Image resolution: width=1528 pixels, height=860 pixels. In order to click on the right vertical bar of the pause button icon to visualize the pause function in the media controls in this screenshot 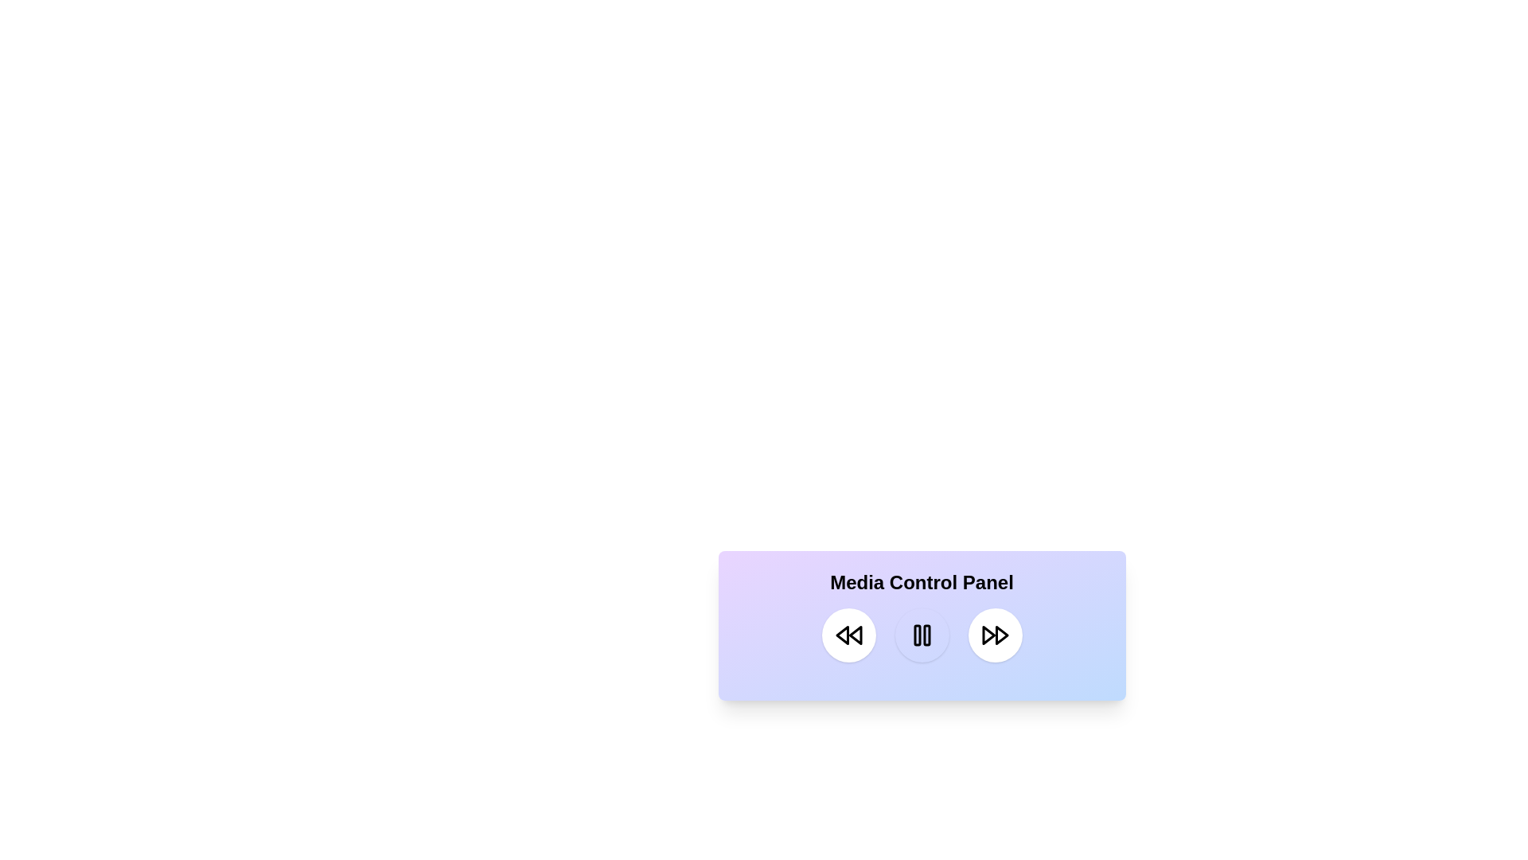, I will do `click(926, 635)`.